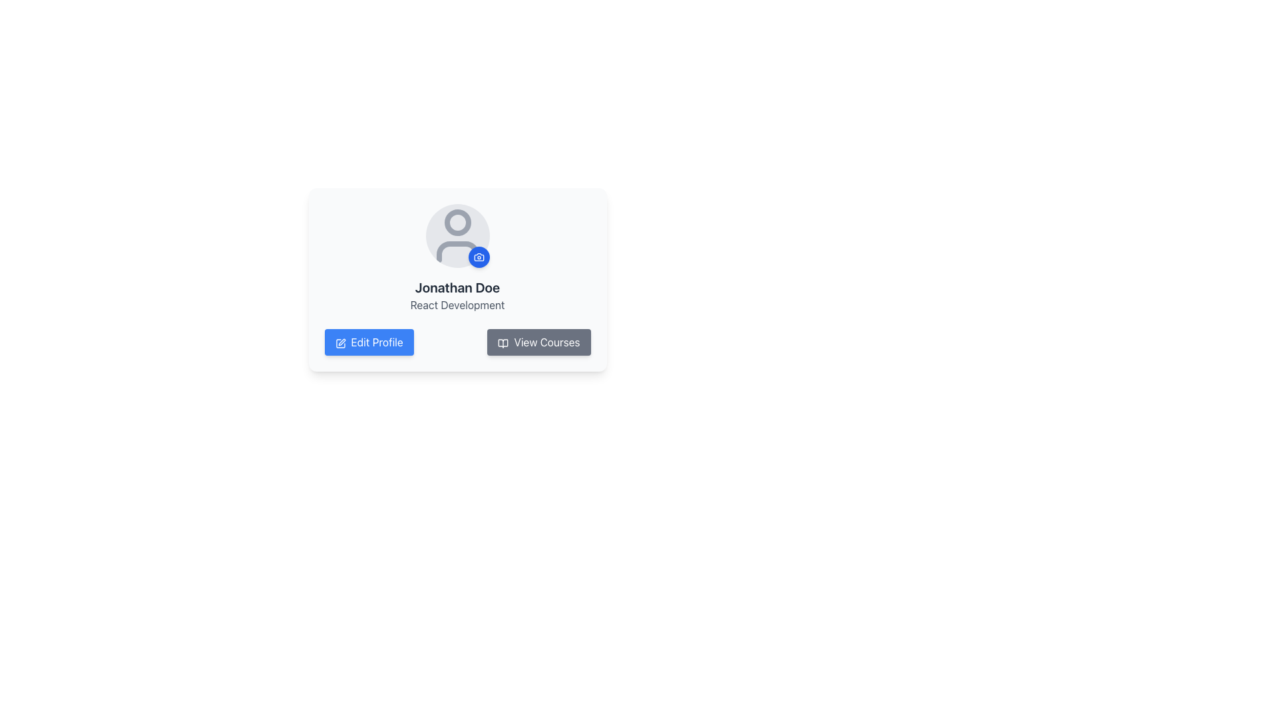 The width and height of the screenshot is (1278, 718). I want to click on the minimalistic outline of an open book icon, which is part of a compact icon design located within a graphical card near its sibling components, so click(503, 342).